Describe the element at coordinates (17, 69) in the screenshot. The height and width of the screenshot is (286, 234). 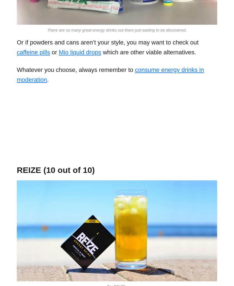
I see `'Whatever you choose, always remember to'` at that location.